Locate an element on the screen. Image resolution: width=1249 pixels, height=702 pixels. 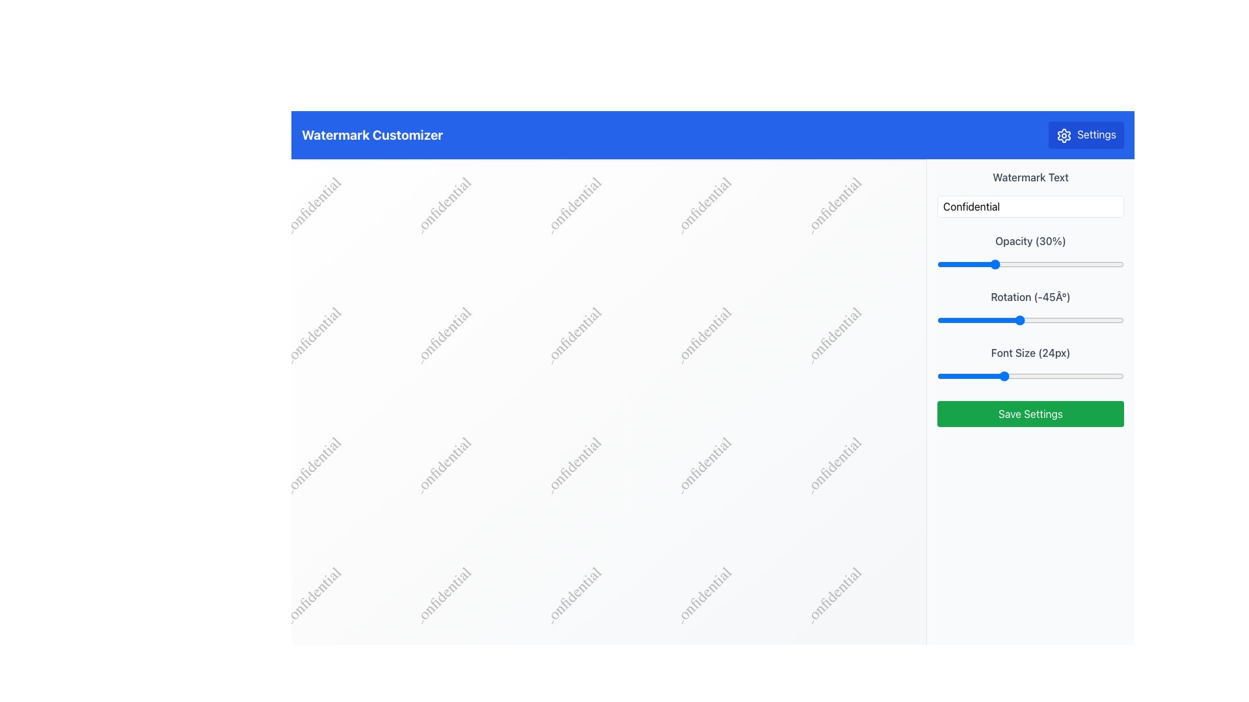
the opacity is located at coordinates (984, 263).